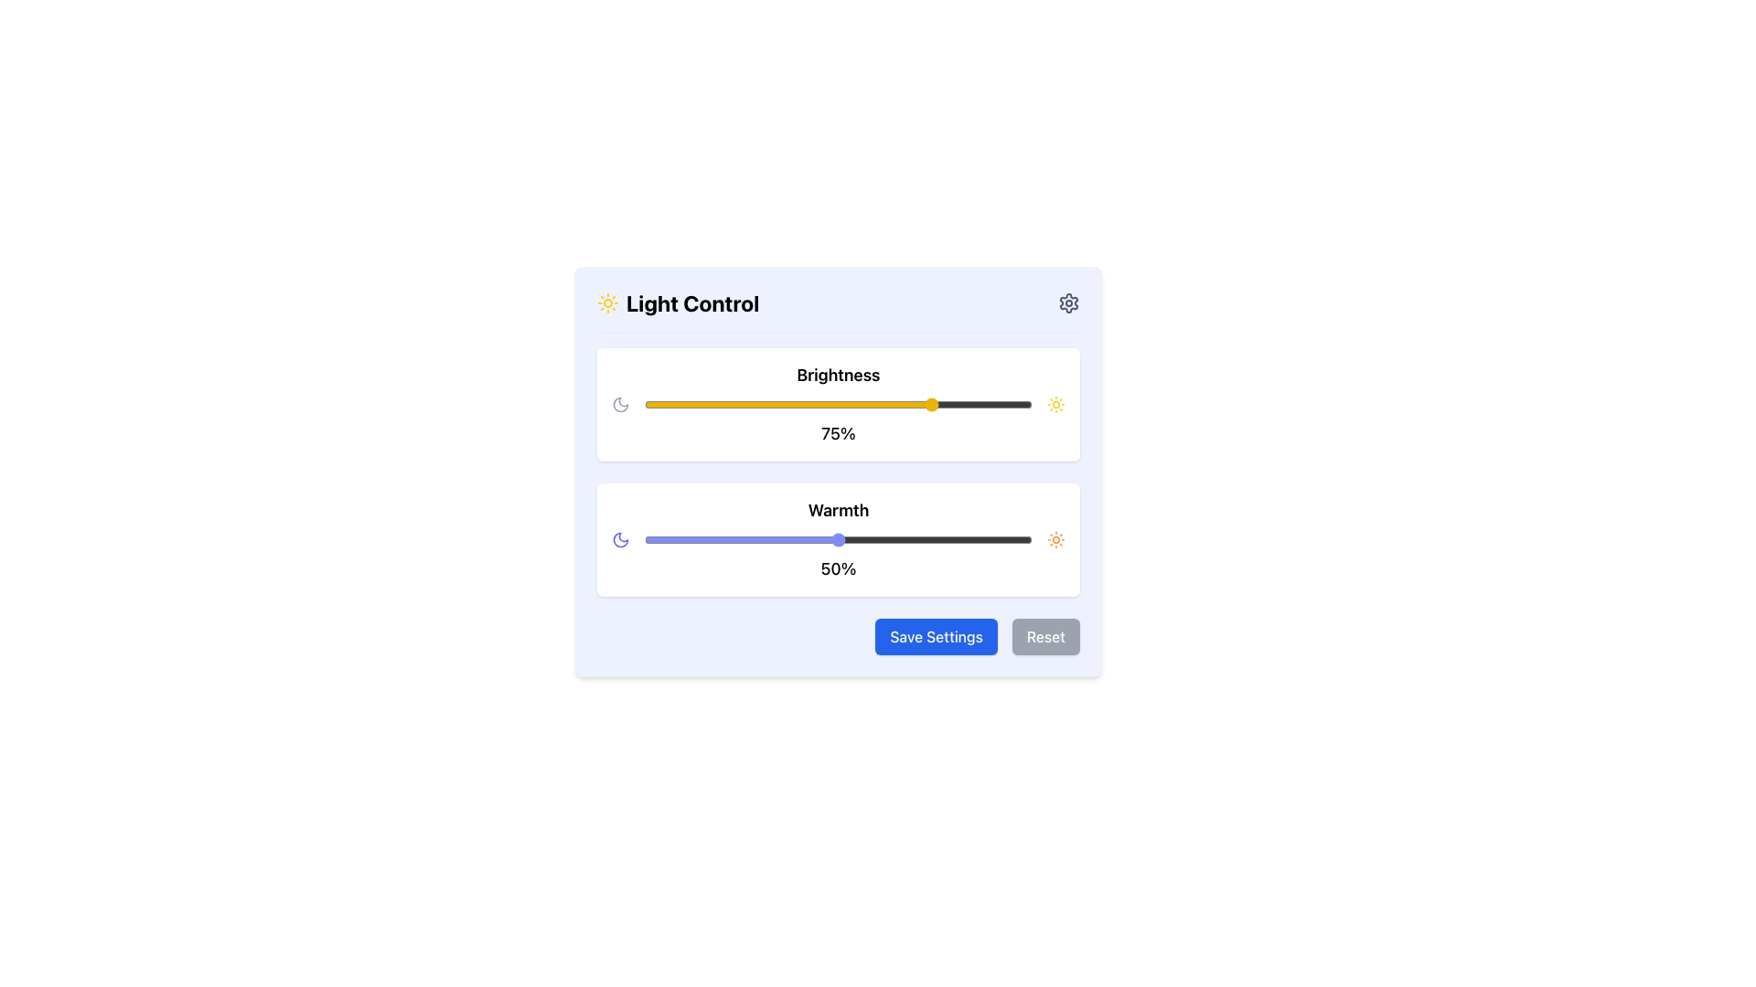  I want to click on the light control panel with an indigo background that contains the title 'Light Control', two sliders for Brightness and Warmth, and buttons for Save Settings and Reset, so click(837, 471).